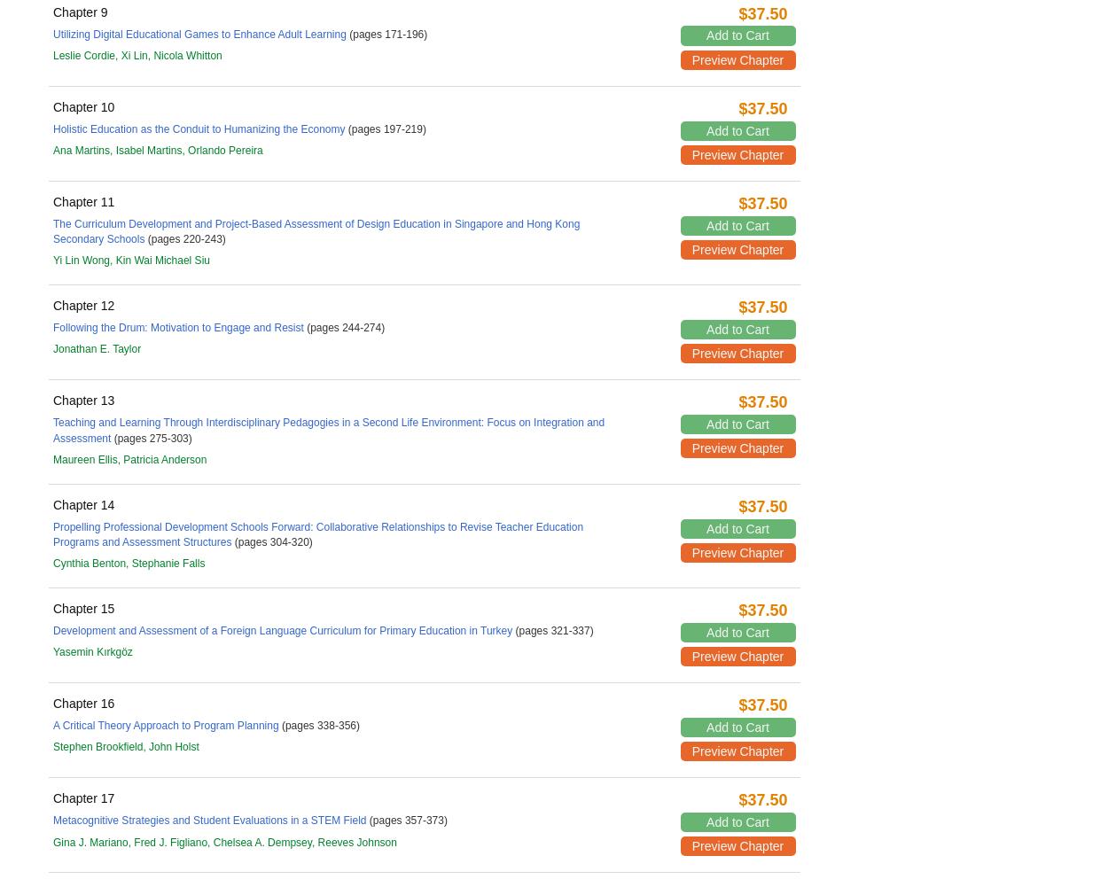 The width and height of the screenshot is (1108, 887). I want to click on '(pages 275-303)', so click(111, 437).